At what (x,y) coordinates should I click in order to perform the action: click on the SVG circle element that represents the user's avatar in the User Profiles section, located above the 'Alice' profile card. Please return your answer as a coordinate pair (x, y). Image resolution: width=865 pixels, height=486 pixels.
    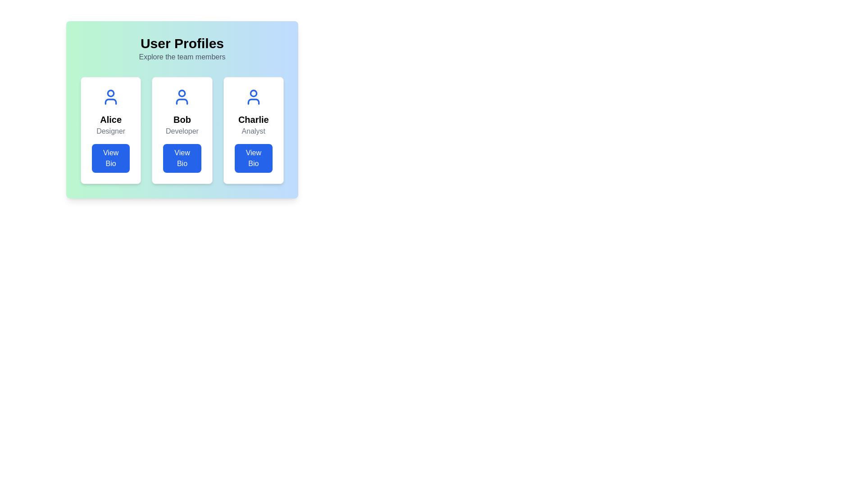
    Looking at the image, I should click on (110, 93).